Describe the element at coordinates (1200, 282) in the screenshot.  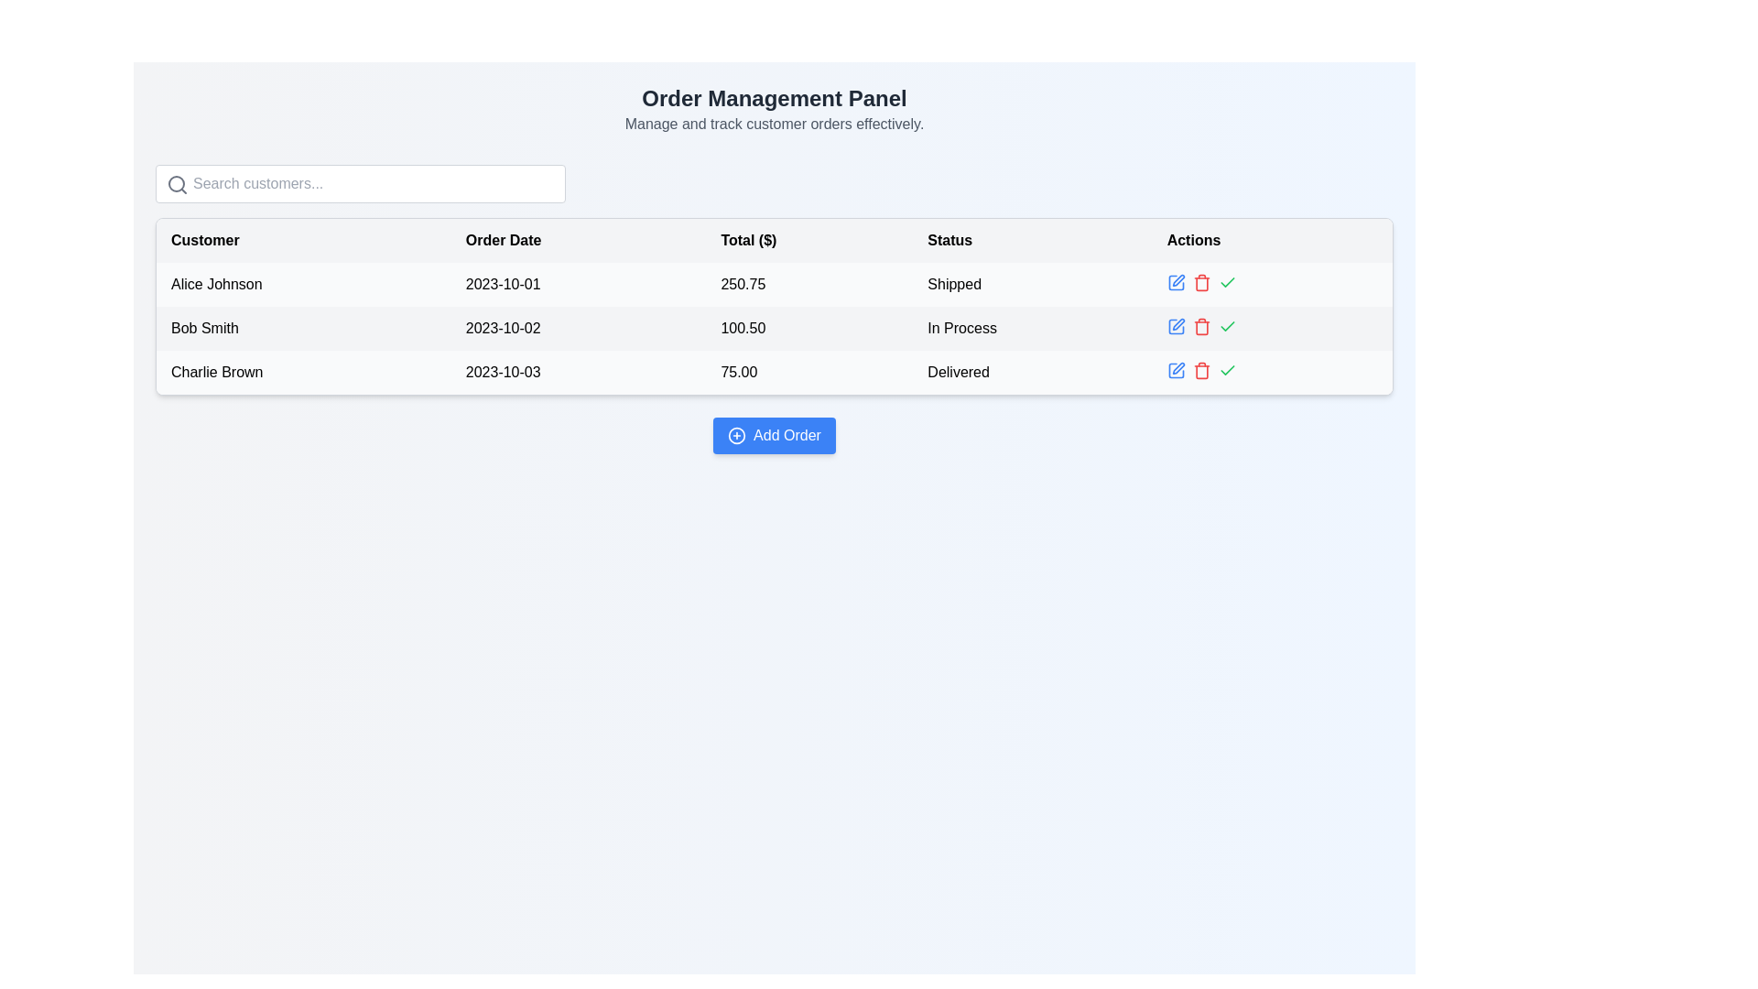
I see `the delete button in the 'Actions' column for the row associated with customer 'Alice Johnson'` at that location.